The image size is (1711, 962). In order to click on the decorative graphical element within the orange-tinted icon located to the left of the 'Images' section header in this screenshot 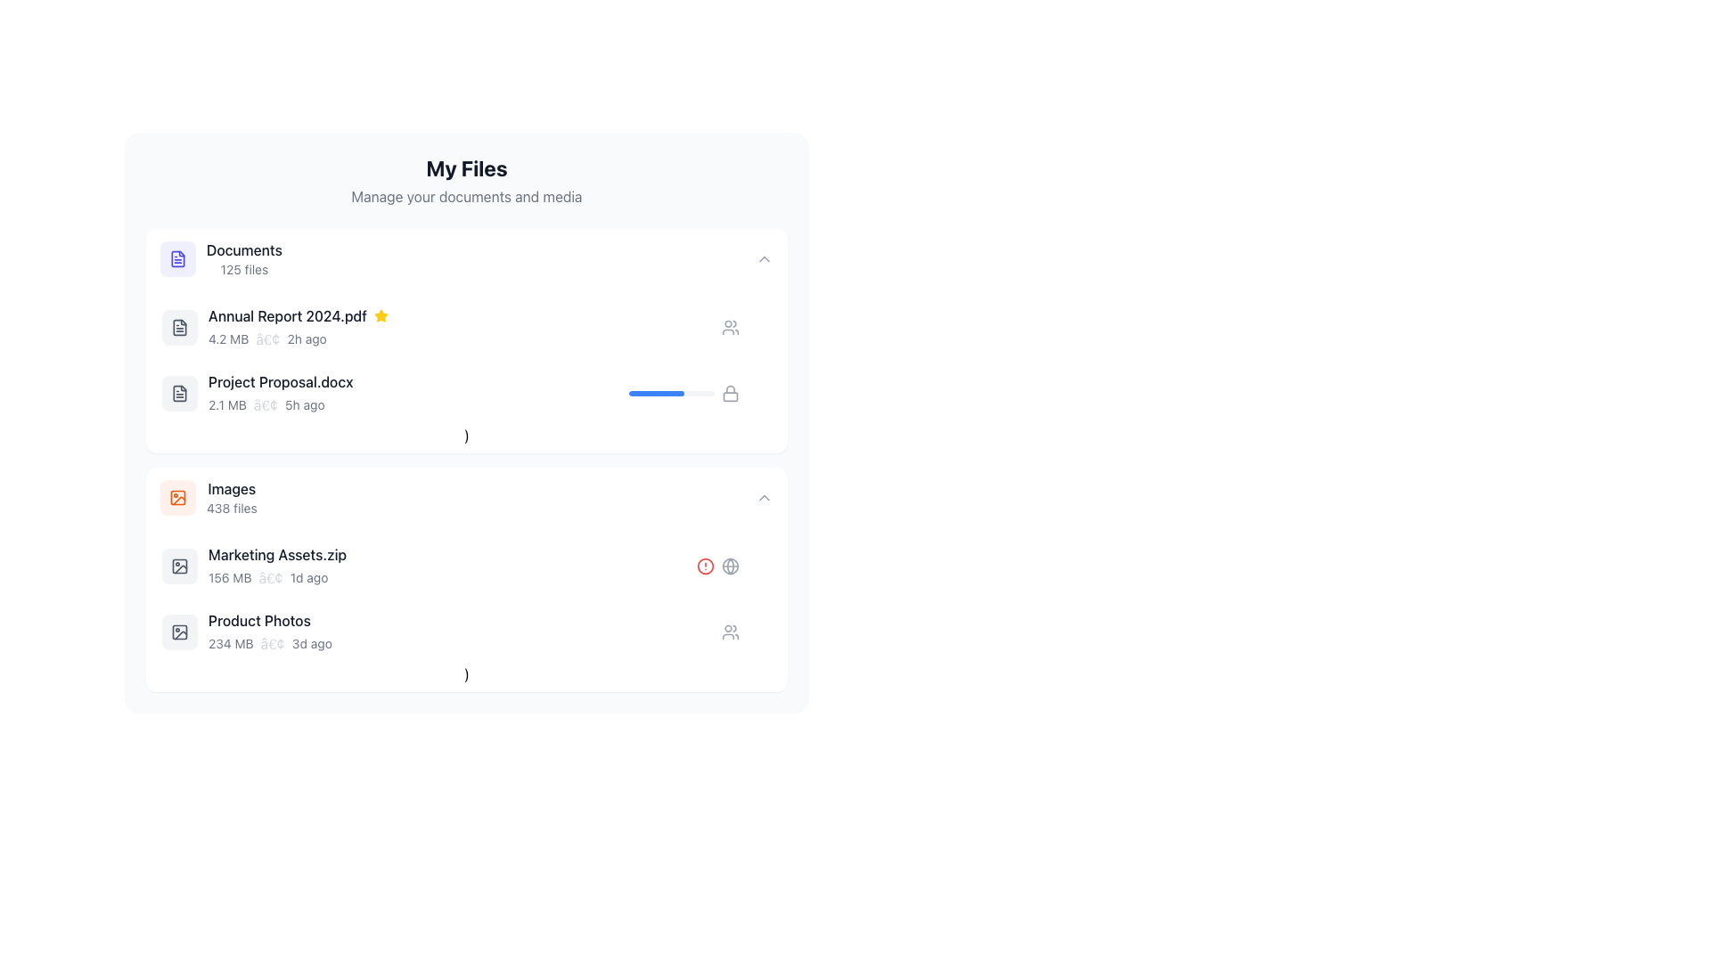, I will do `click(178, 498)`.